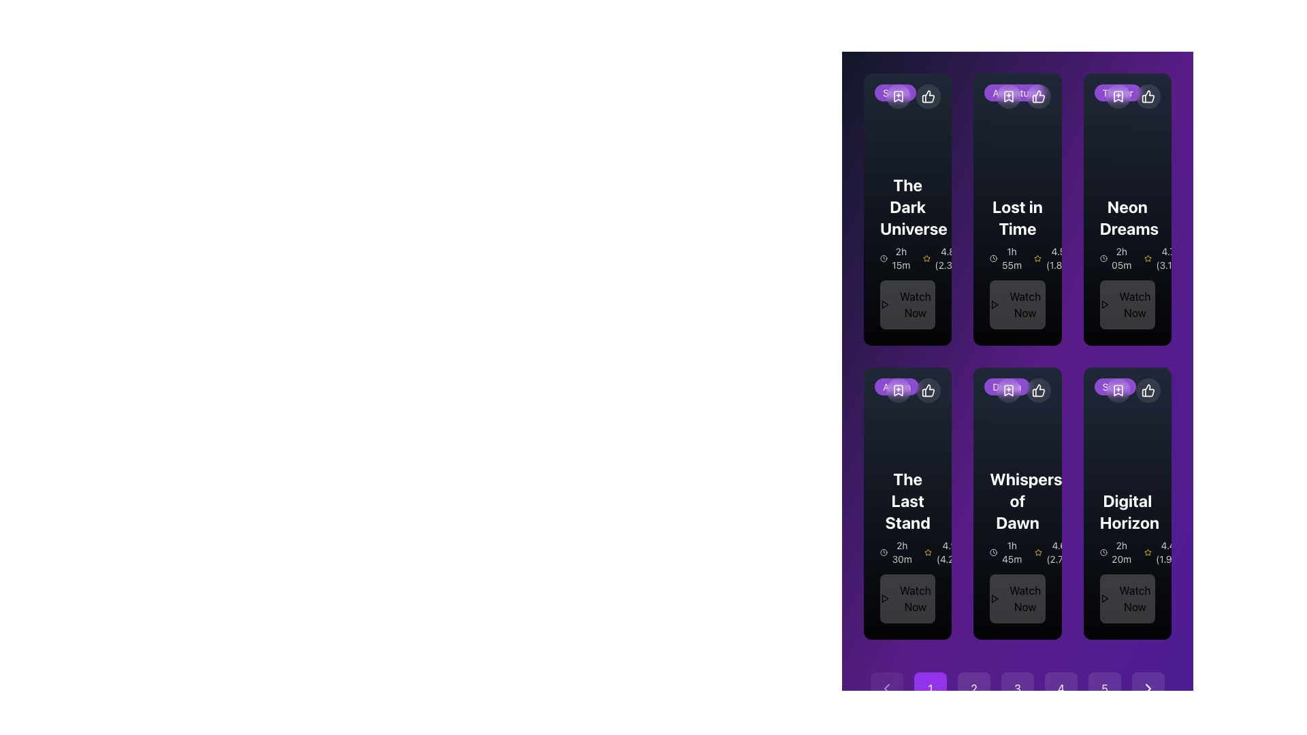  I want to click on the circular decorative graphic element with a thin border, located at the top-left corner of the second card in the second row of the grid layout, adjacent to the text component indicating duration, so click(993, 553).